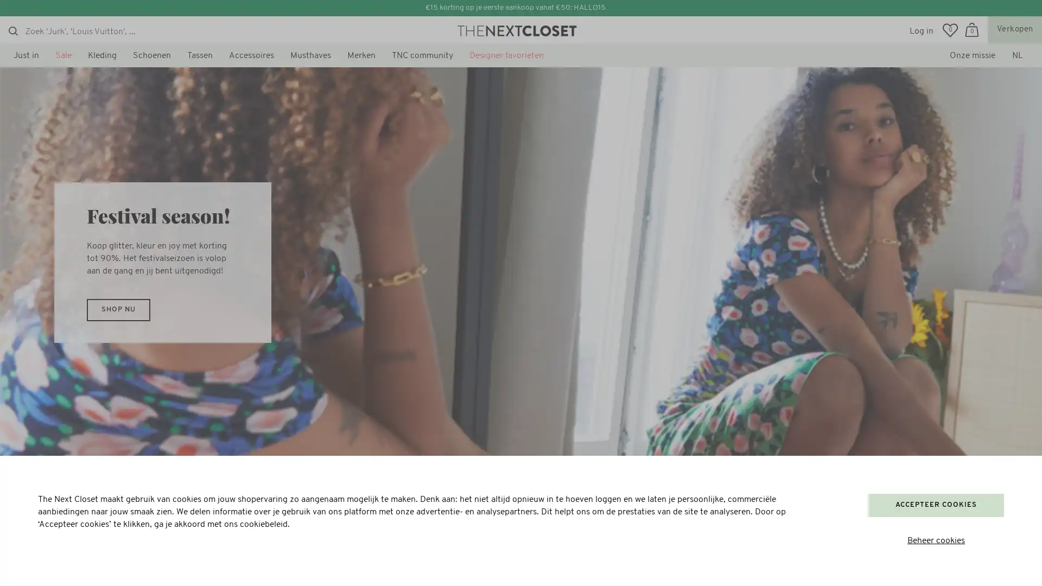 This screenshot has height=586, width=1042. I want to click on Chat, so click(36, 564).